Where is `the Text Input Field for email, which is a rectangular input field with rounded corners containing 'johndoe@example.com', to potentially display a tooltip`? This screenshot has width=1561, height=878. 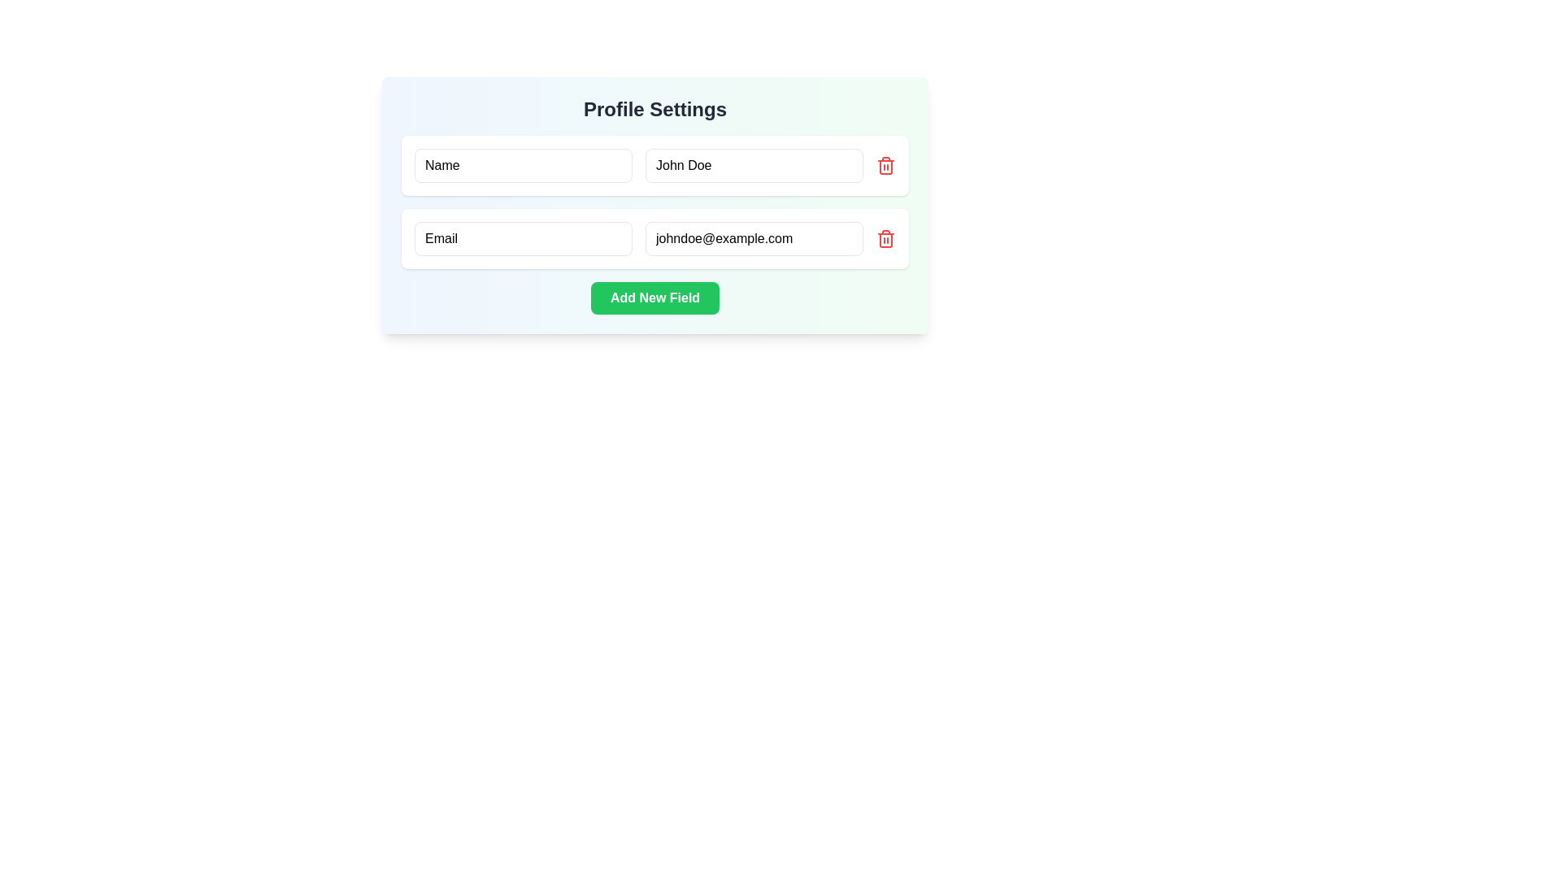
the Text Input Field for email, which is a rectangular input field with rounded corners containing 'johndoe@example.com', to potentially display a tooltip is located at coordinates (753, 238).